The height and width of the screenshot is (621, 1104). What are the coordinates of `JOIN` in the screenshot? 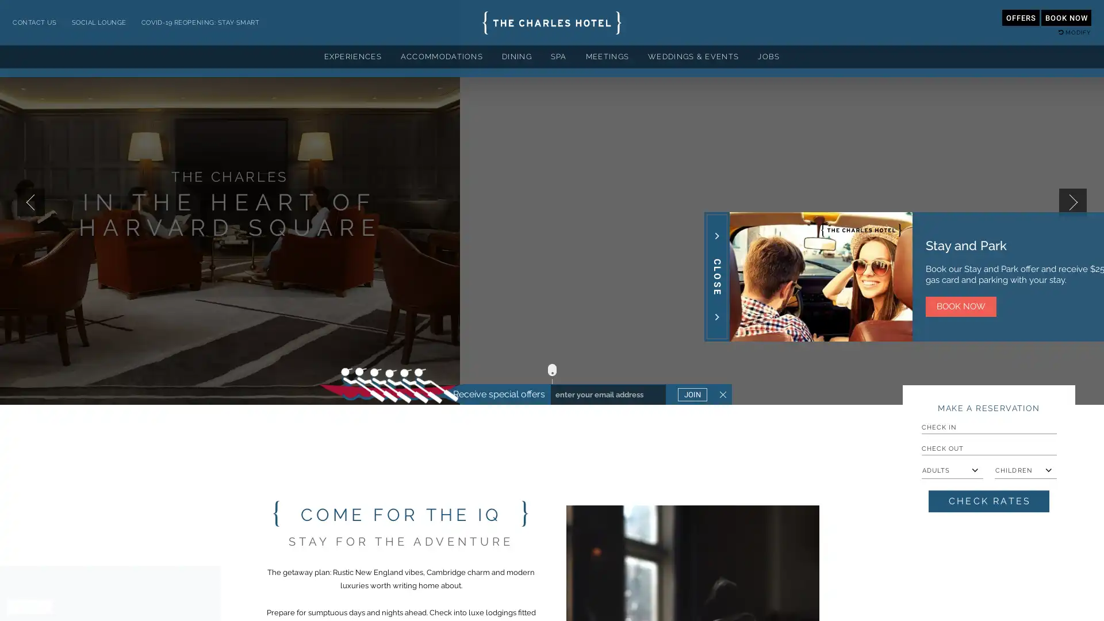 It's located at (692, 394).